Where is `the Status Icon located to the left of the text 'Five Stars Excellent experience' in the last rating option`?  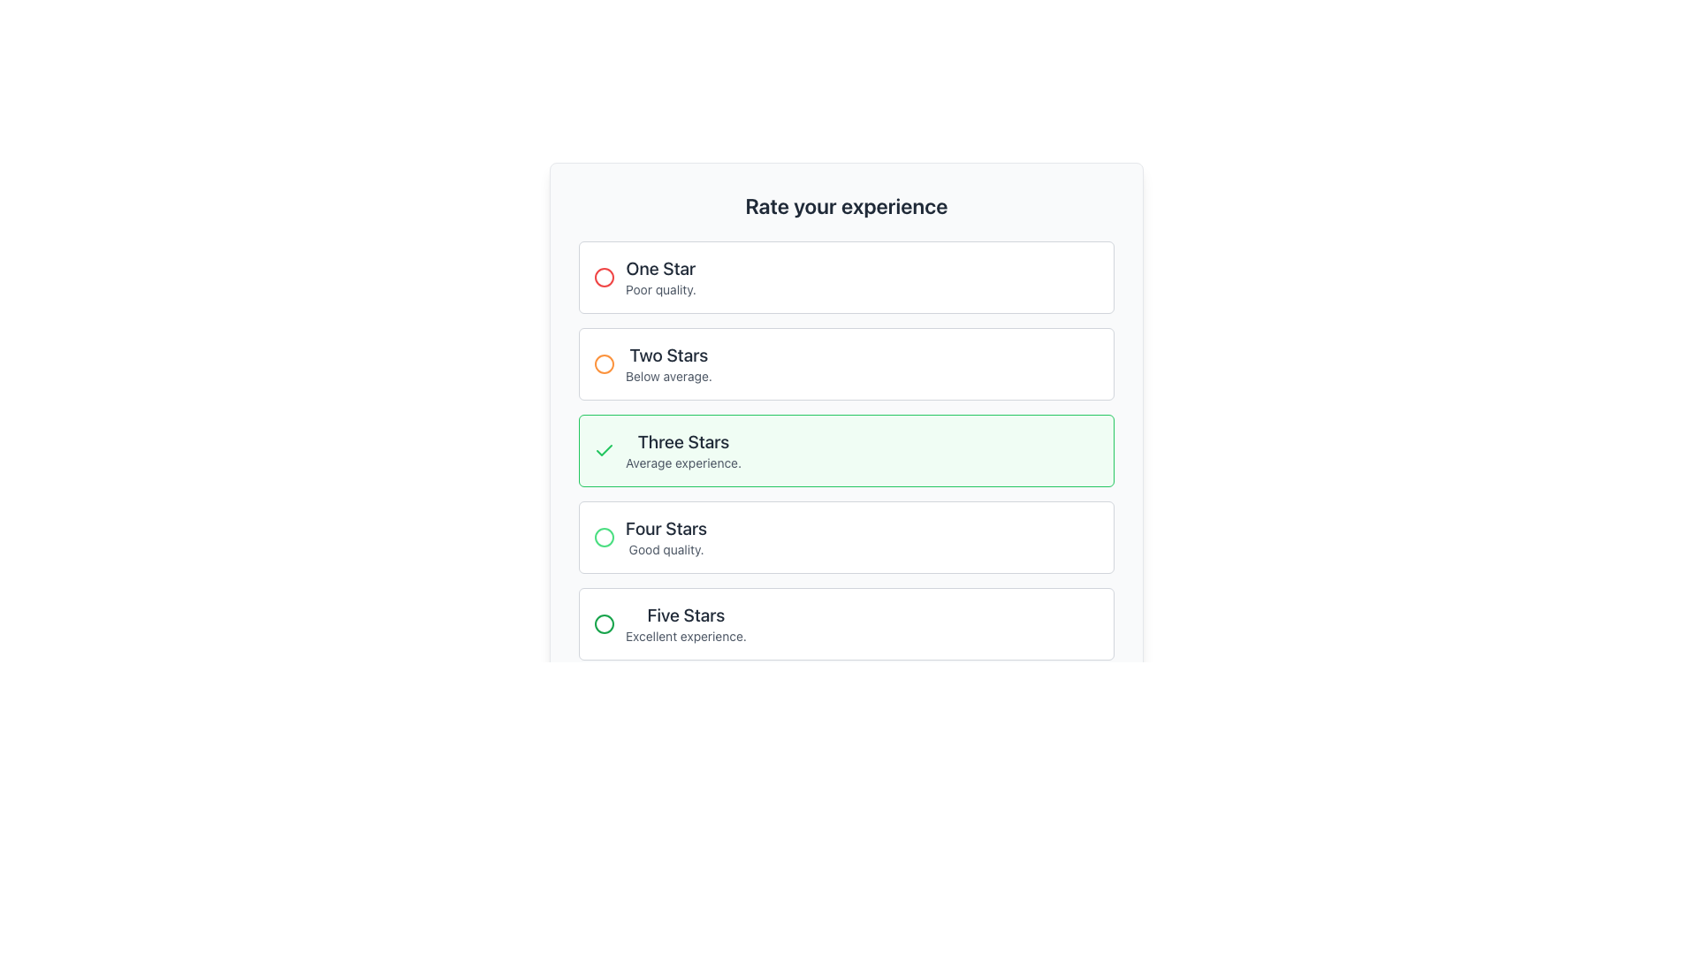
the Status Icon located to the left of the text 'Five Stars Excellent experience' in the last rating option is located at coordinates (605, 623).